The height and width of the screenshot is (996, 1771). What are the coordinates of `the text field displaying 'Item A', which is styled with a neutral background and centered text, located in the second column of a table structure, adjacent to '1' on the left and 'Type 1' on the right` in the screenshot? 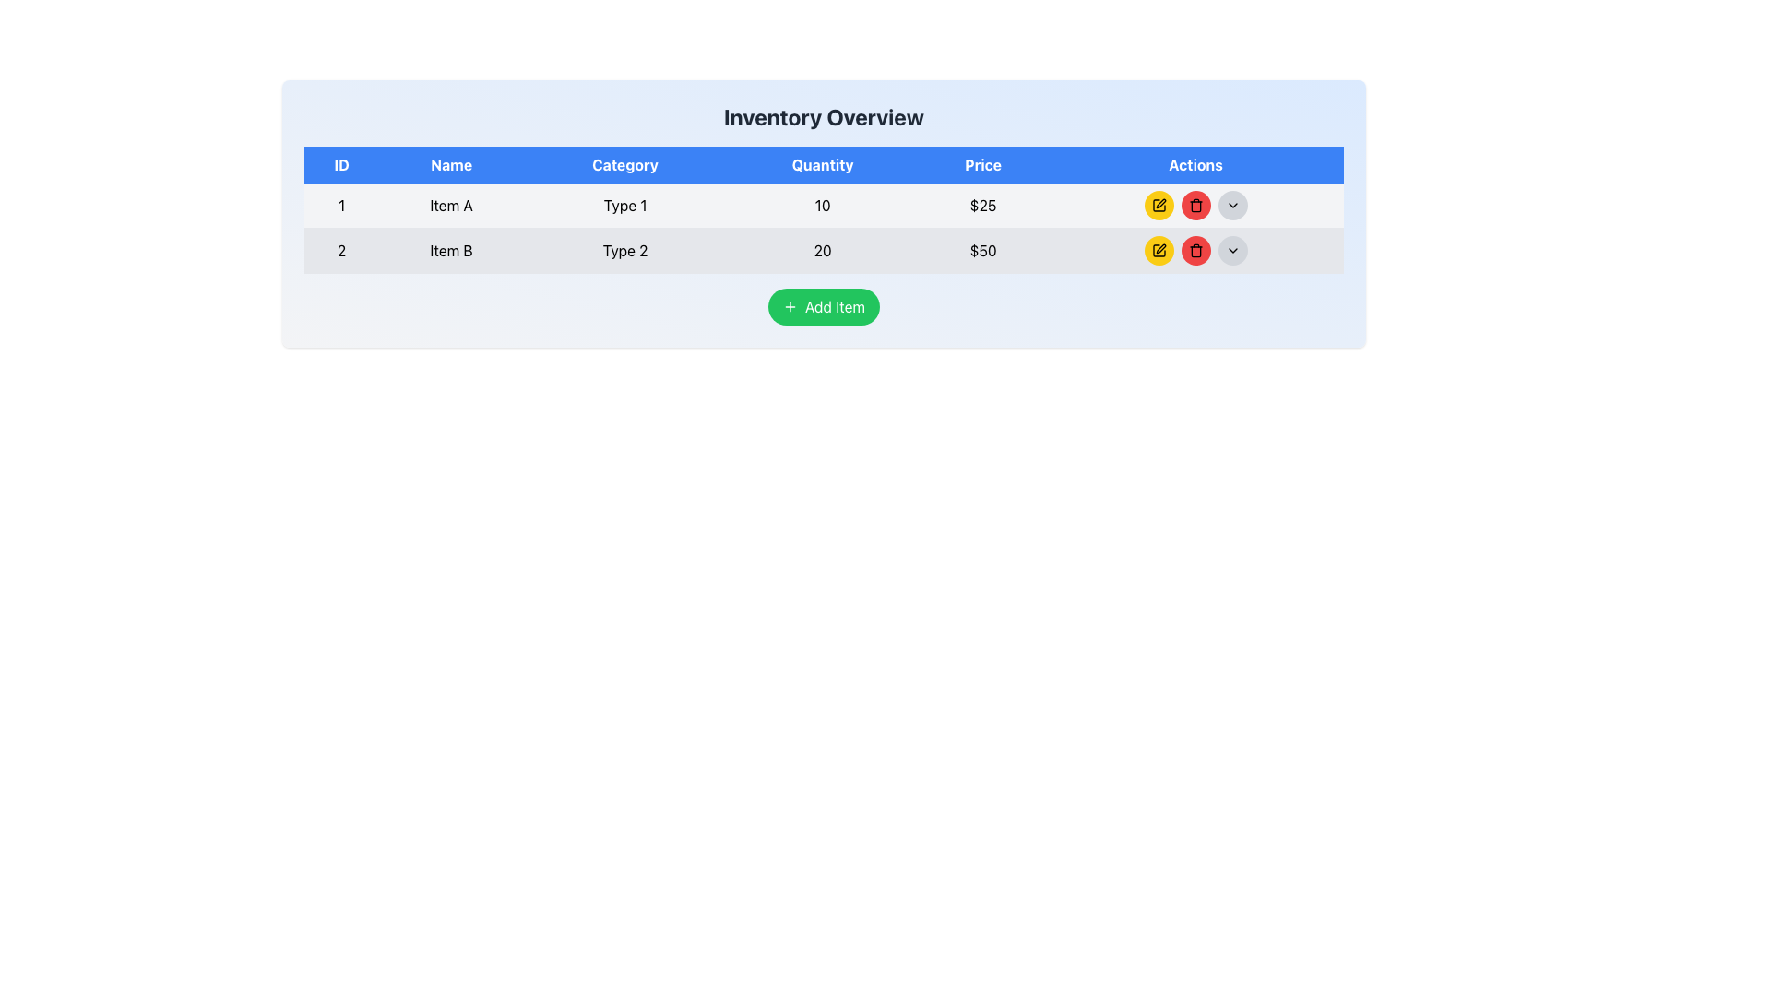 It's located at (451, 206).